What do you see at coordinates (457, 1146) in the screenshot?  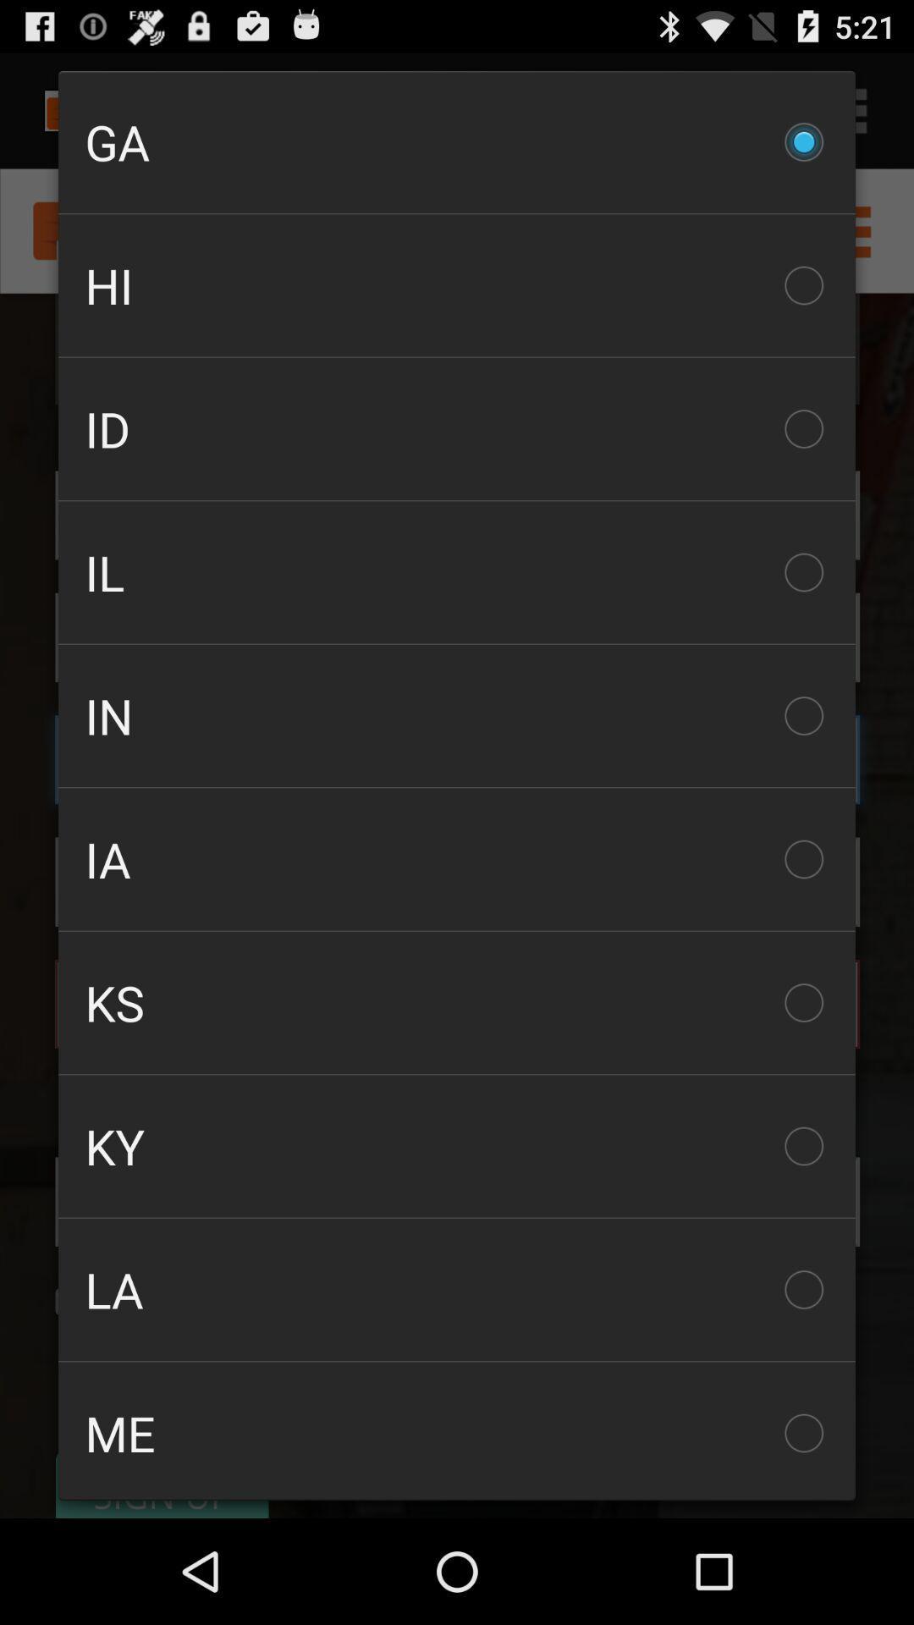 I see `ky checkbox` at bounding box center [457, 1146].